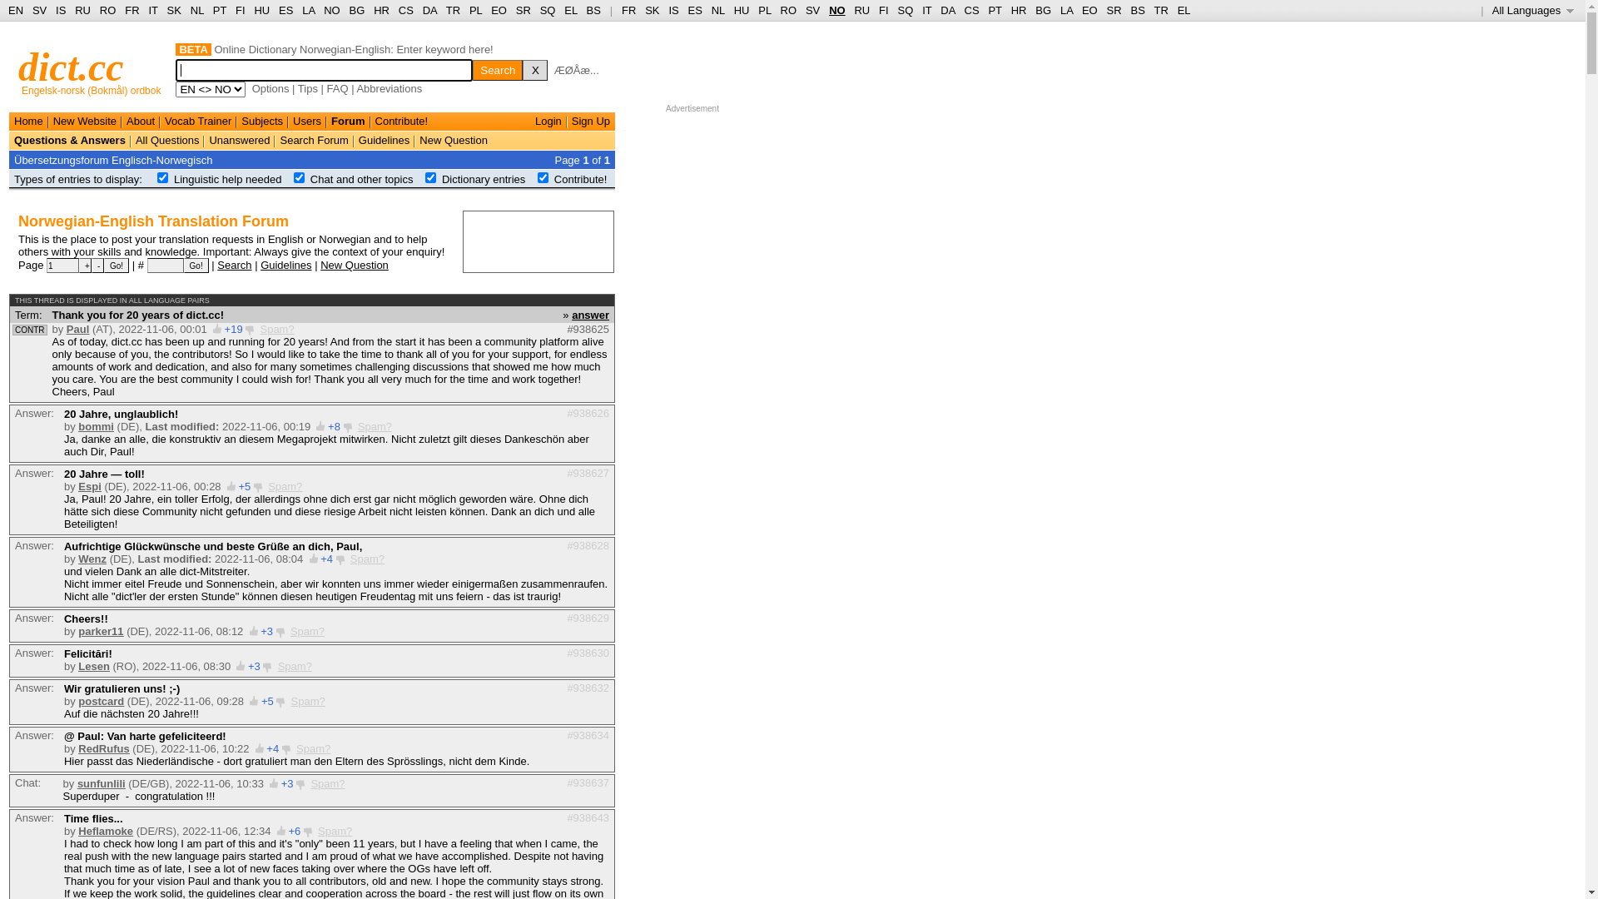 The height and width of the screenshot is (899, 1598). Describe the element at coordinates (337, 88) in the screenshot. I see `'FAQ'` at that location.